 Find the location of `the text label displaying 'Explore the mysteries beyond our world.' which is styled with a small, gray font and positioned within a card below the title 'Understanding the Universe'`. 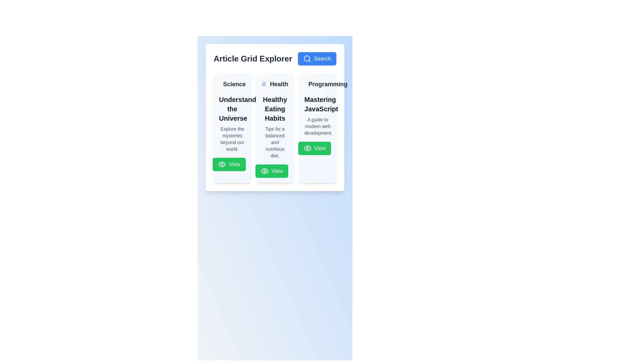

the text label displaying 'Explore the mysteries beyond our world.' which is styled with a small, gray font and positioned within a card below the title 'Understanding the Universe' is located at coordinates (232, 139).